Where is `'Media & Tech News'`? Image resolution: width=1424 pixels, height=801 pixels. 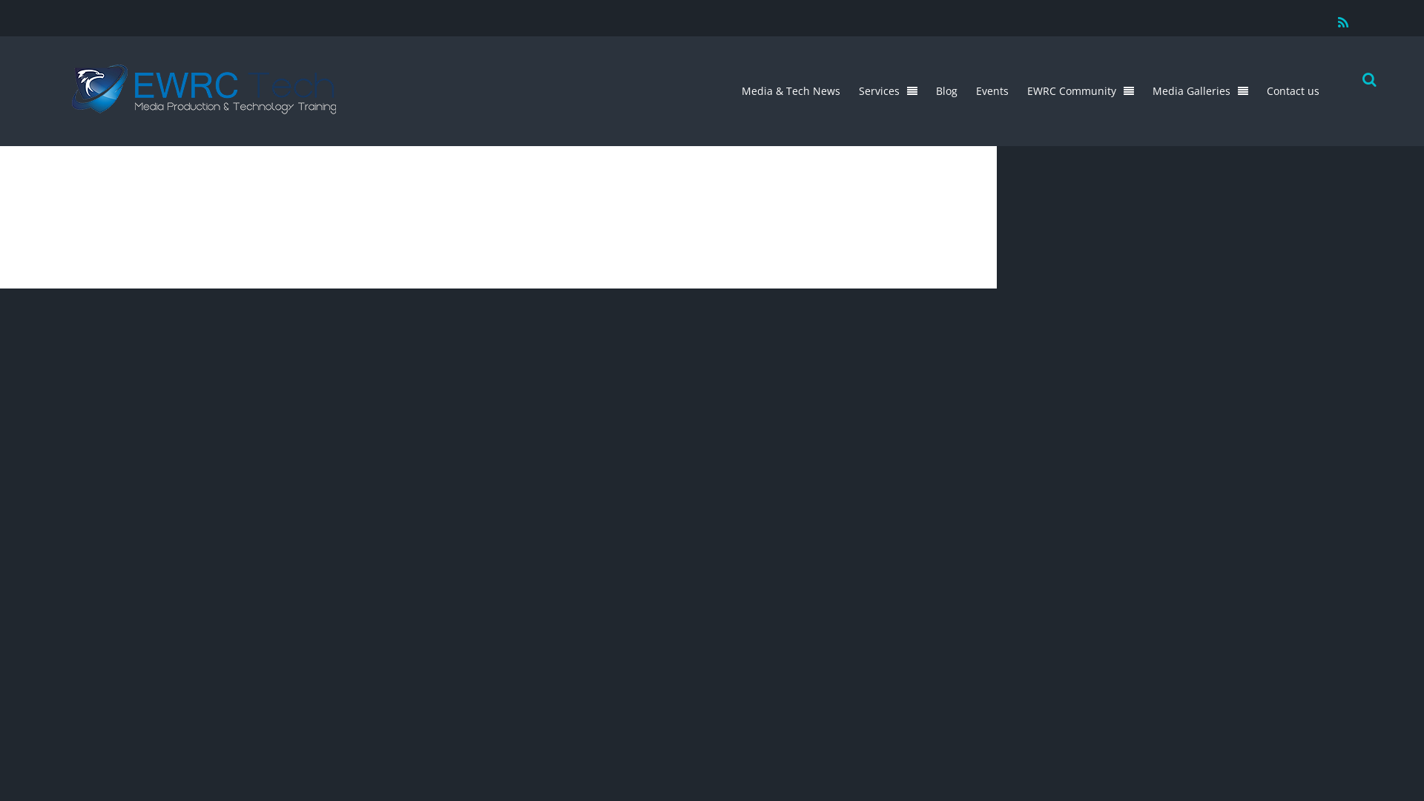
'Media & Tech News' is located at coordinates (790, 90).